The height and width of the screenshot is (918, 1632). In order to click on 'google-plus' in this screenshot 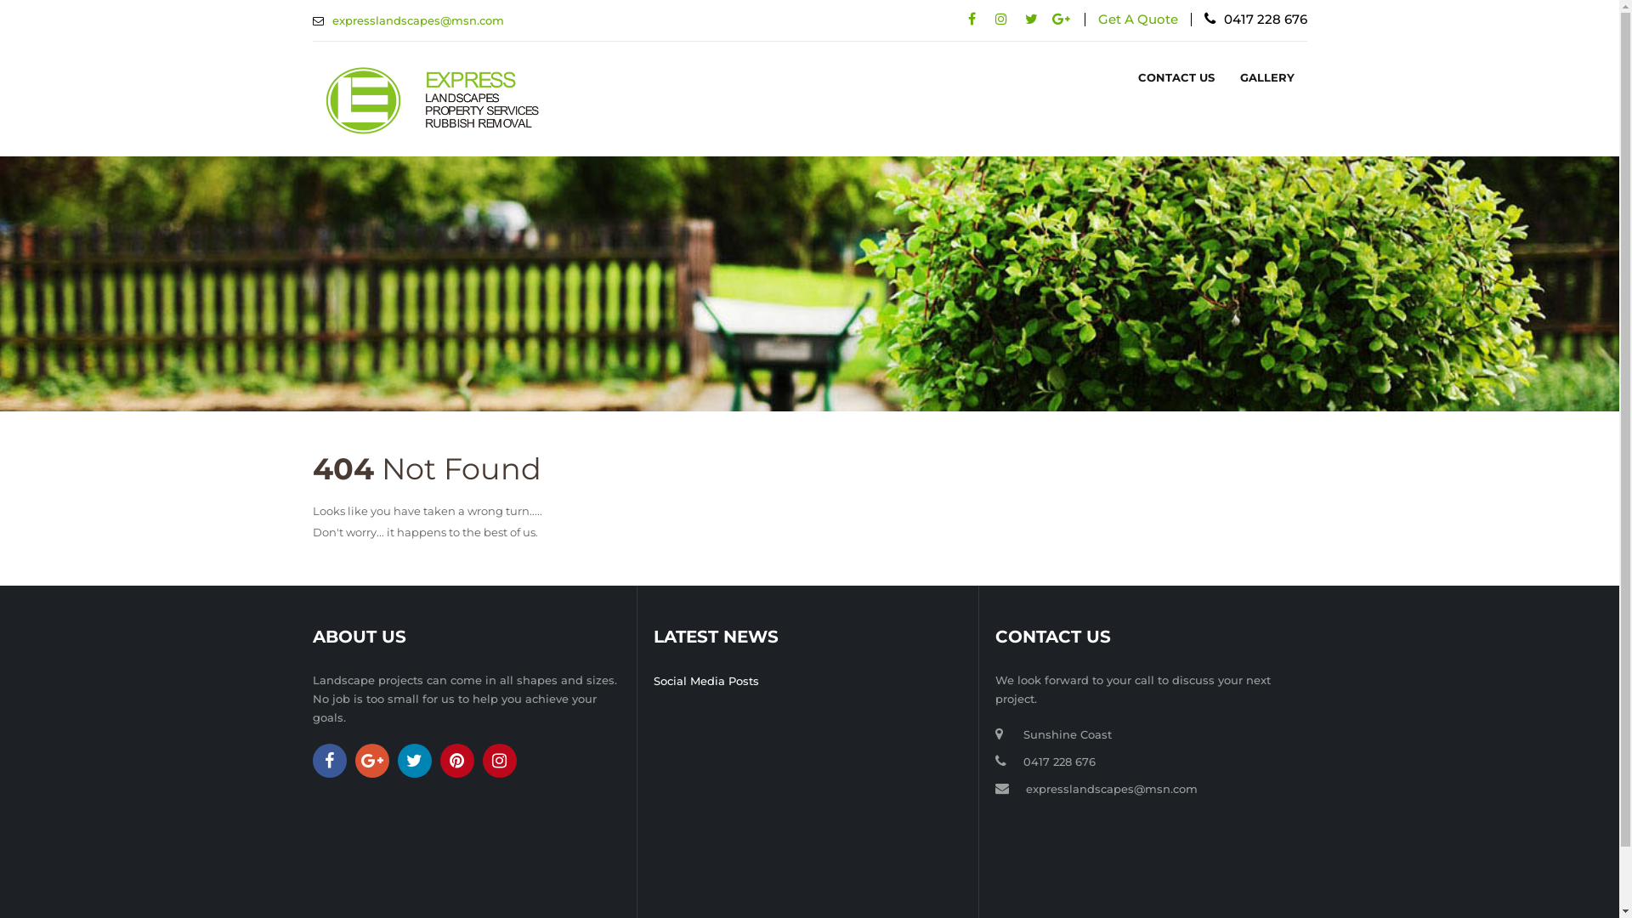, I will do `click(1059, 19)`.